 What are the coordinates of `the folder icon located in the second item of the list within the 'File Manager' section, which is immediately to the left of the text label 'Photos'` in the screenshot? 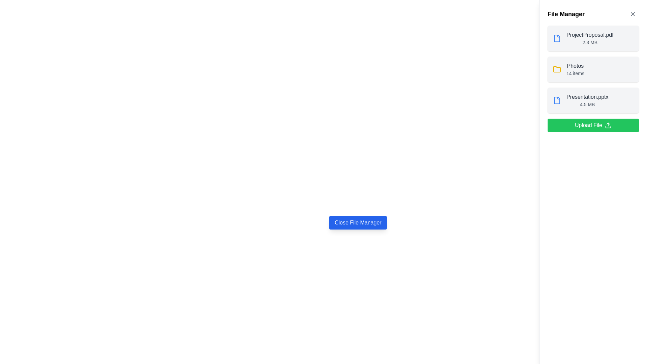 It's located at (557, 69).